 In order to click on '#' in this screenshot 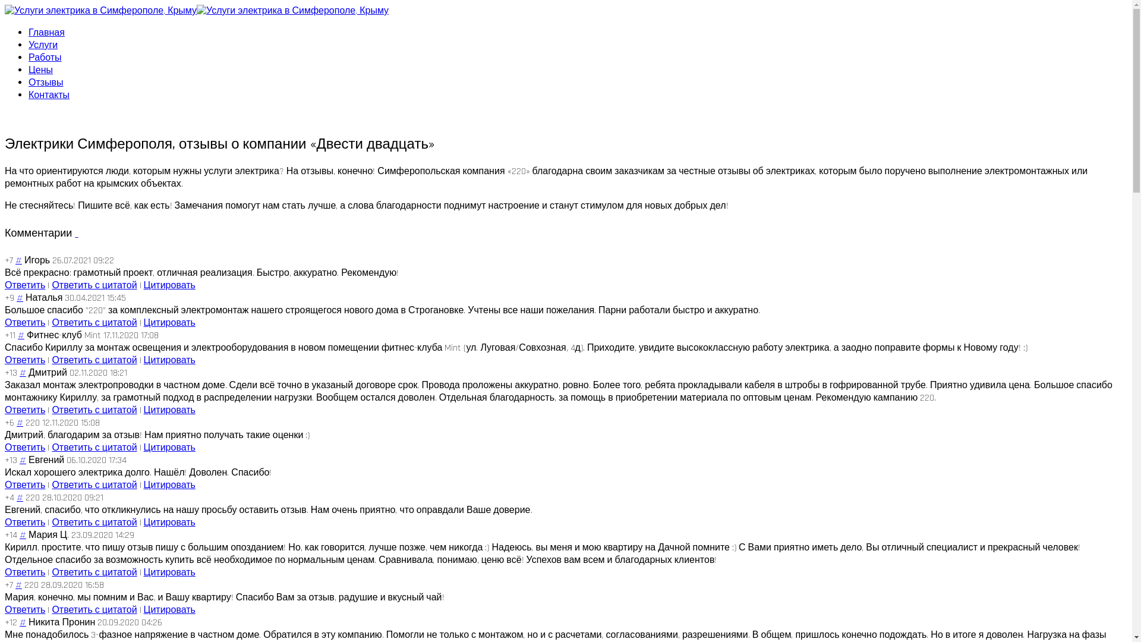, I will do `click(23, 460)`.